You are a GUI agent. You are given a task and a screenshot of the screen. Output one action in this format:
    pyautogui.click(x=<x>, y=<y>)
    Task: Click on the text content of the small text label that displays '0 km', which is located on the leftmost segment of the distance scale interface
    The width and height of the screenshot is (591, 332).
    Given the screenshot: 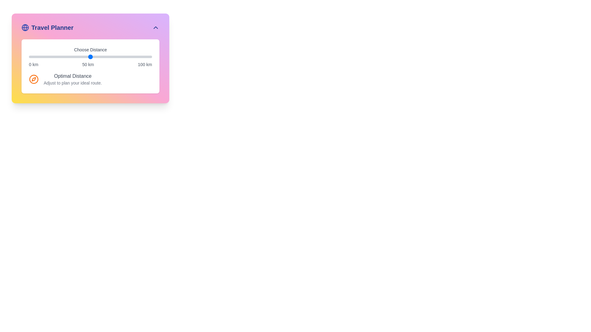 What is the action you would take?
    pyautogui.click(x=33, y=64)
    